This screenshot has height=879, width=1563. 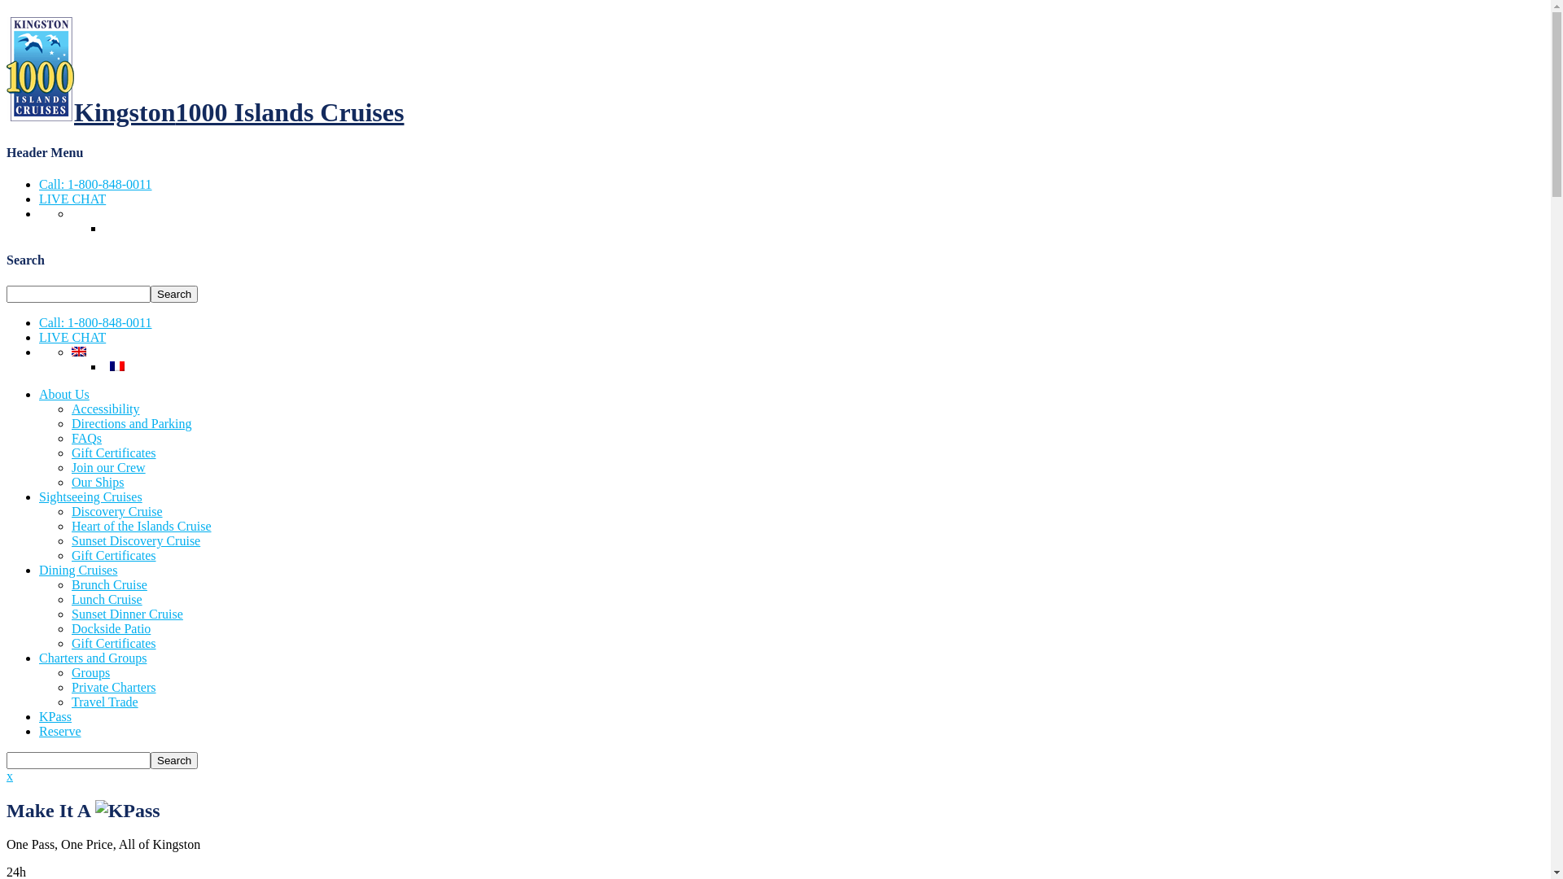 I want to click on 'LIVE CHAT', so click(x=72, y=336).